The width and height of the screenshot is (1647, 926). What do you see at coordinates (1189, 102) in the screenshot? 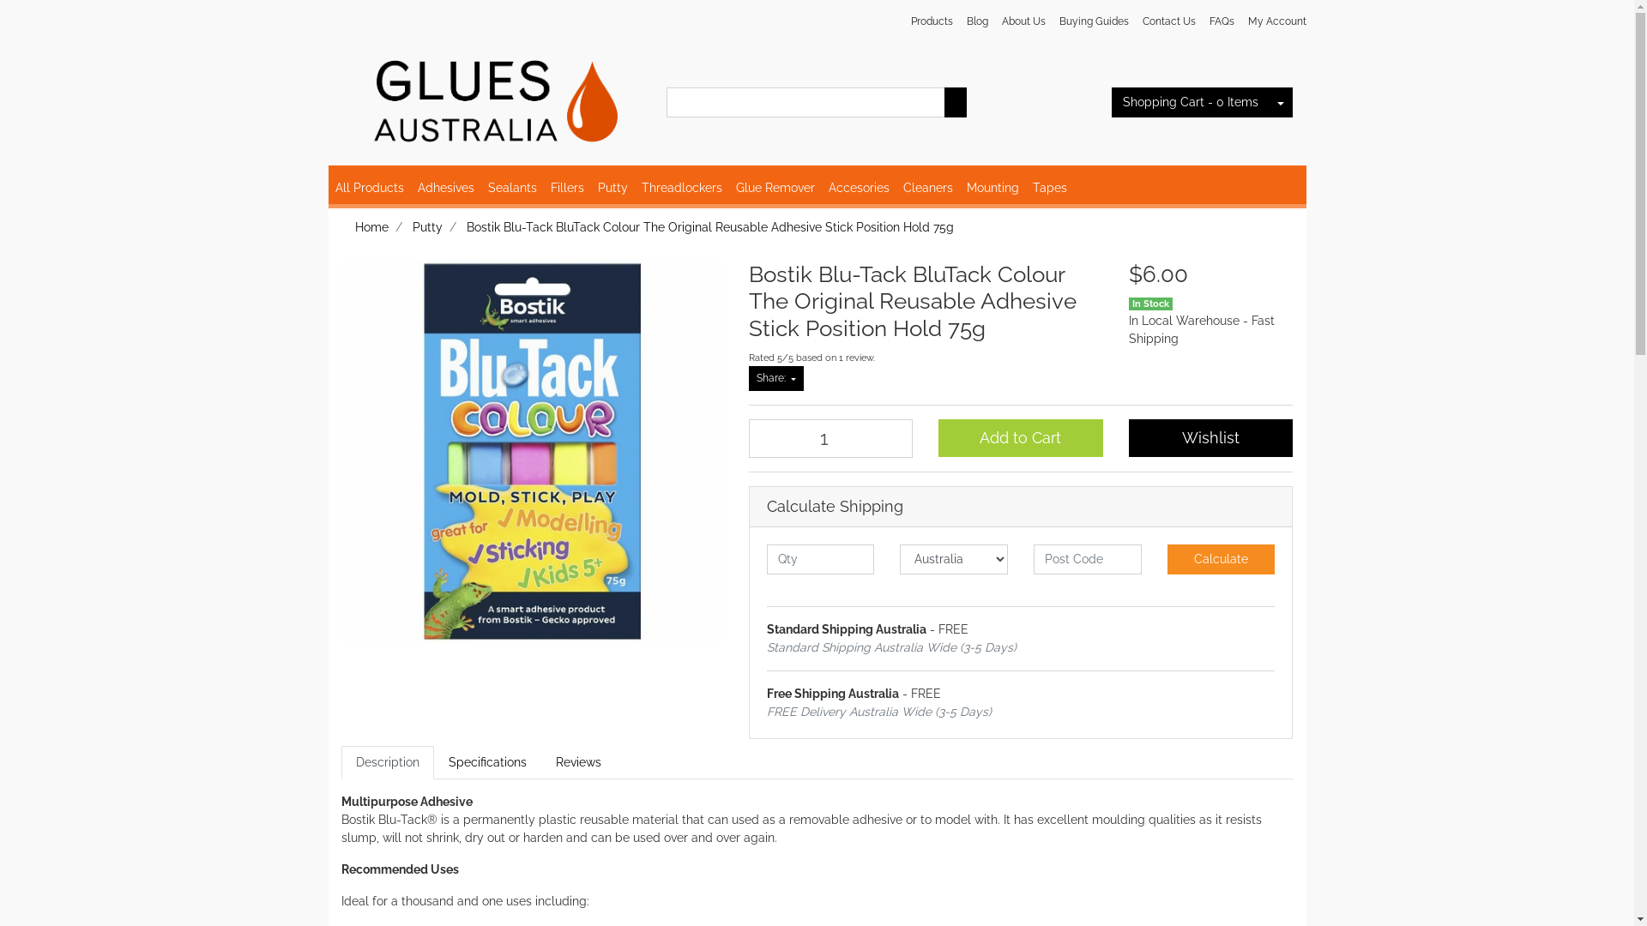
I see `'Shopping Cart - 0 Items'` at bounding box center [1189, 102].